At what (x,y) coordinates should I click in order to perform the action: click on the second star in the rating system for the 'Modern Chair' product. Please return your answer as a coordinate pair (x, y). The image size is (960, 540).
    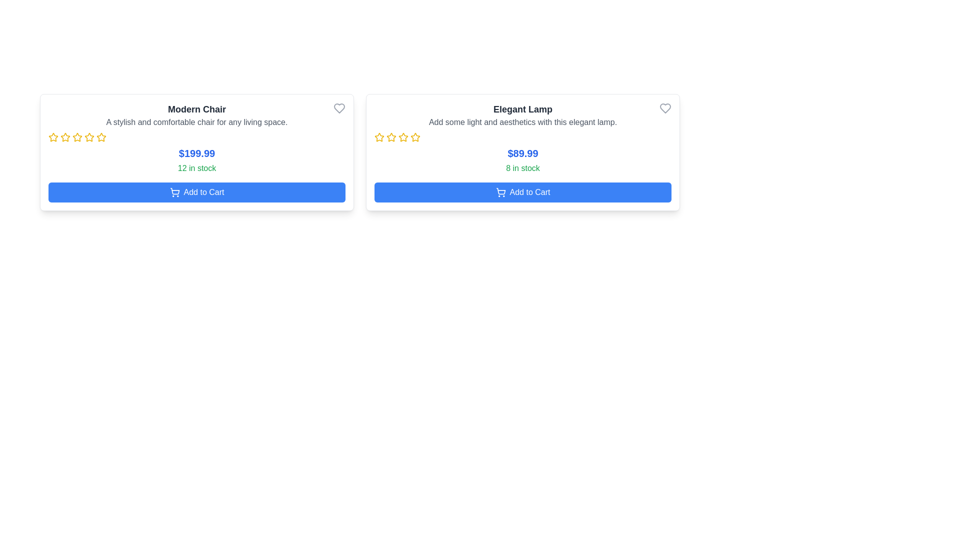
    Looking at the image, I should click on (76, 137).